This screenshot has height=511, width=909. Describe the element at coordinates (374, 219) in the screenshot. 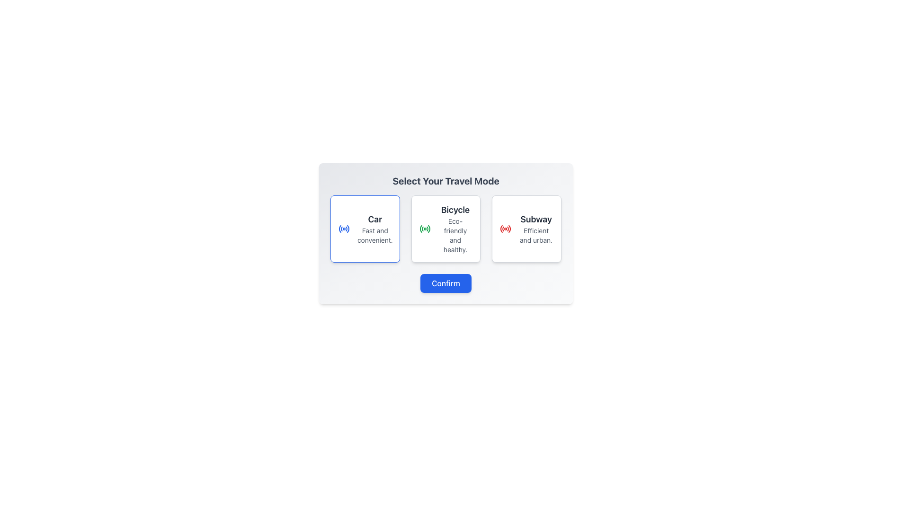

I see `the title text element for the 'Car' option in the travel mode selection interface, which is located at the top of the leftmost selection card` at that location.